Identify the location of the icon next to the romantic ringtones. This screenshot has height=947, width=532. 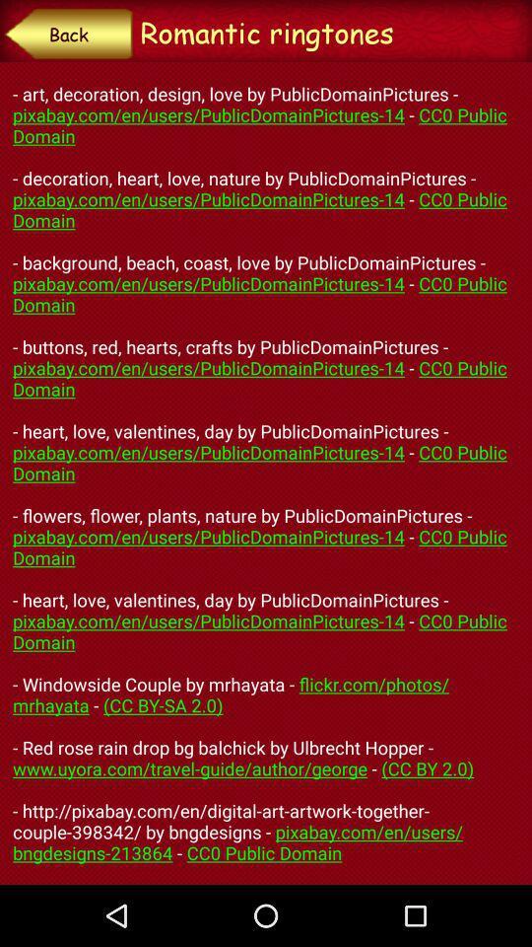
(67, 33).